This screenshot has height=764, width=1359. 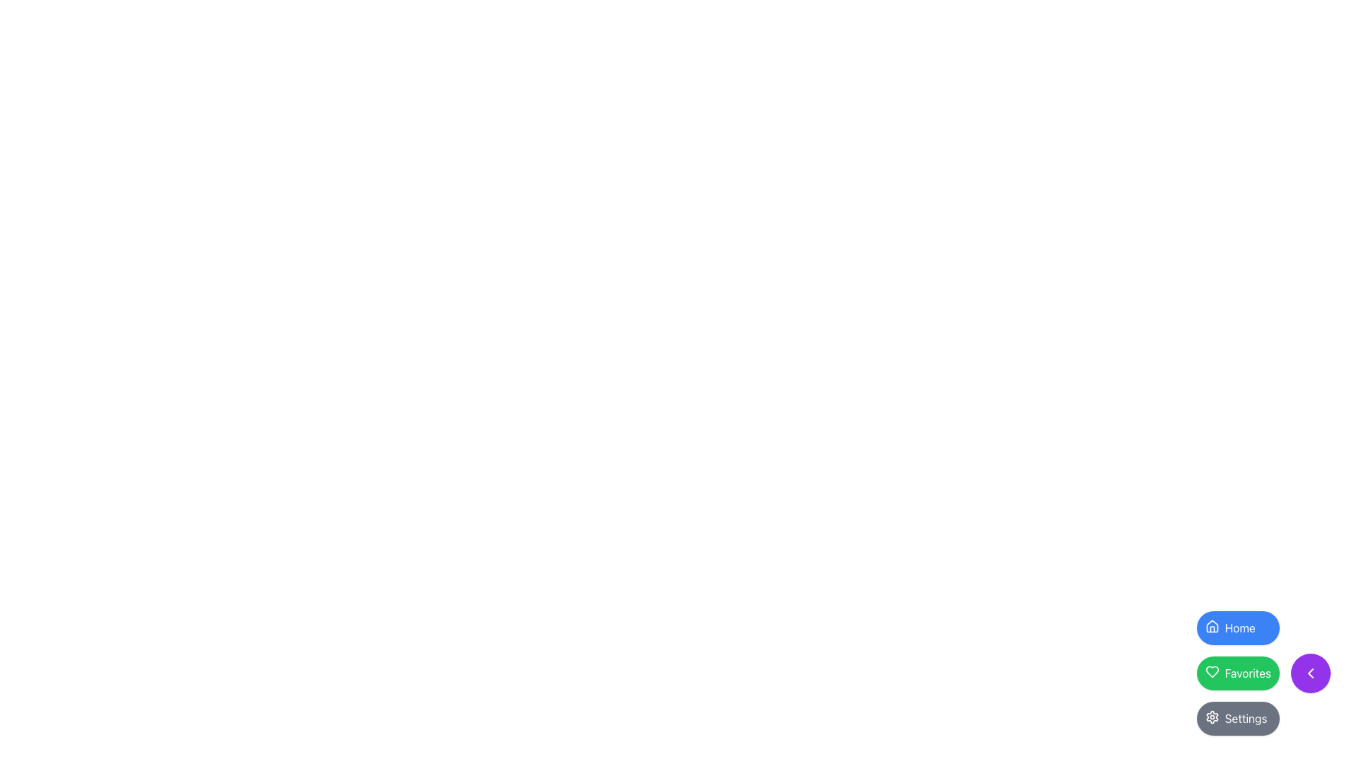 I want to click on the green oval button labeled 'Favorites', so click(x=1237, y=673).